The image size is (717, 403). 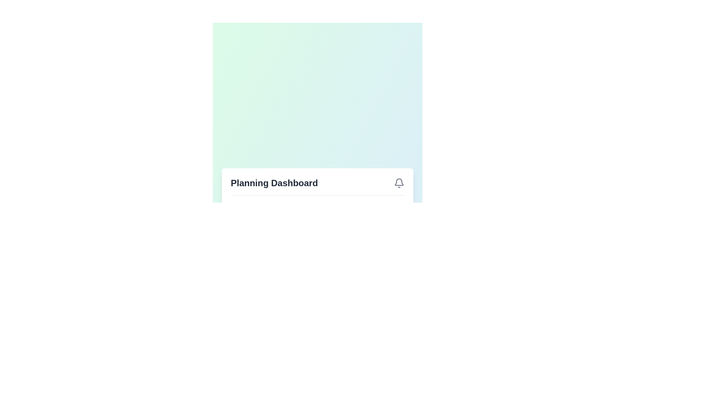 What do you see at coordinates (399, 182) in the screenshot?
I see `the bell-shaped icon located` at bounding box center [399, 182].